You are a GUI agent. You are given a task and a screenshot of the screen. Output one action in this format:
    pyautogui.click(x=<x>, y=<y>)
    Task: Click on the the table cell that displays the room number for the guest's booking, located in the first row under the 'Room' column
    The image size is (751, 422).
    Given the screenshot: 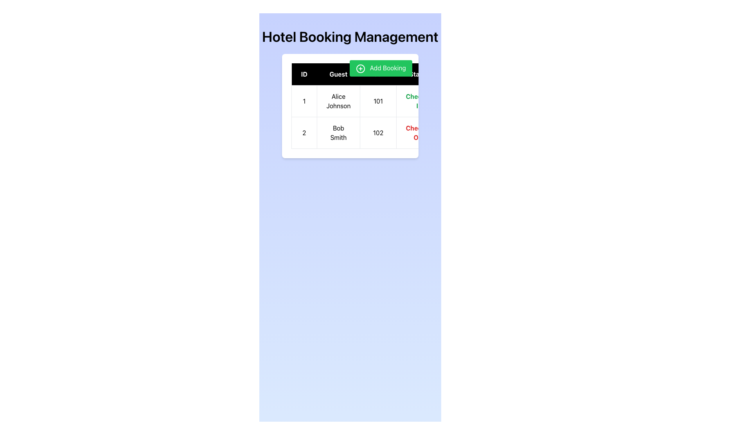 What is the action you would take?
    pyautogui.click(x=388, y=117)
    